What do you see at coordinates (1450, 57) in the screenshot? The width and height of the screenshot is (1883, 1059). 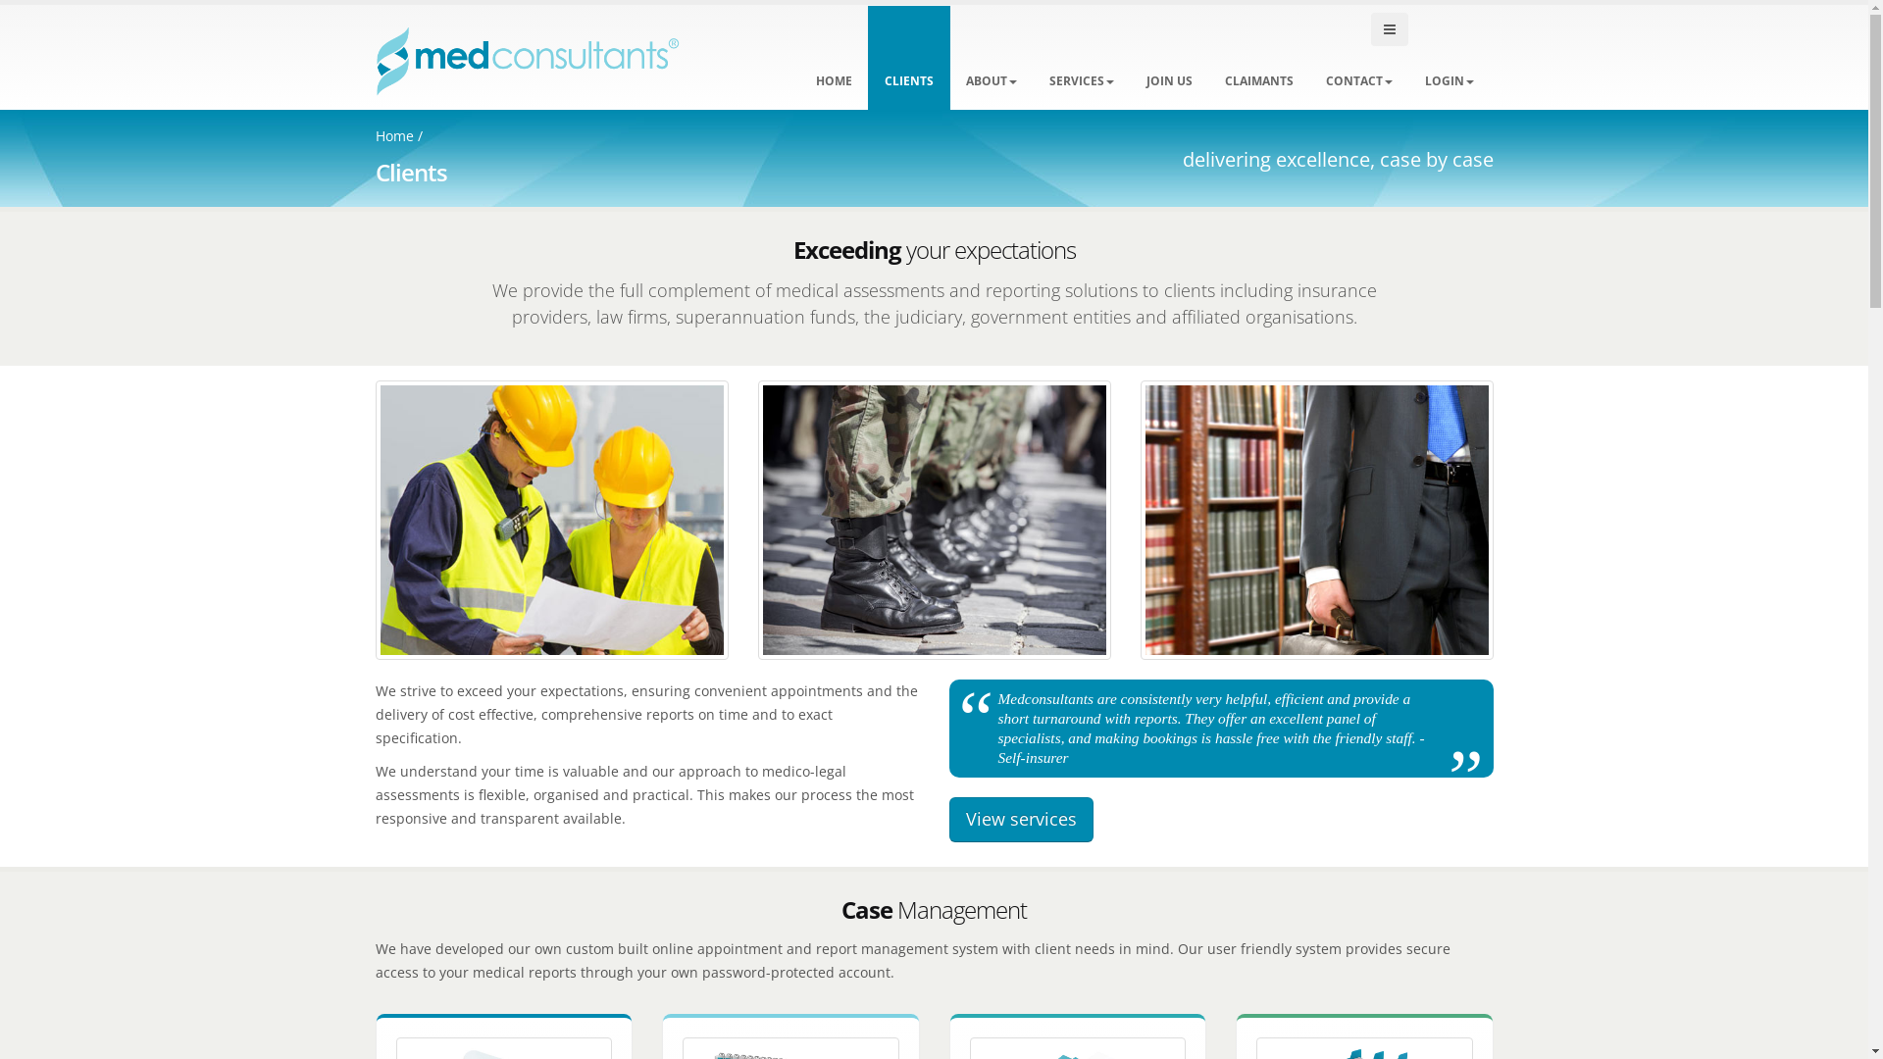 I see `'LOGIN'` at bounding box center [1450, 57].